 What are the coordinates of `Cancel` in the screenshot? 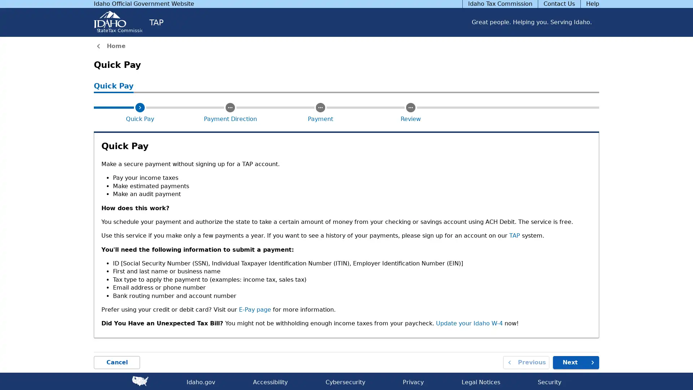 It's located at (117, 362).